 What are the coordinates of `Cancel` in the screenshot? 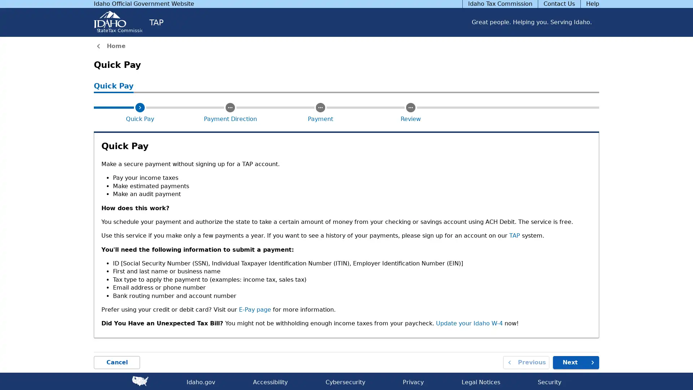 It's located at (117, 362).